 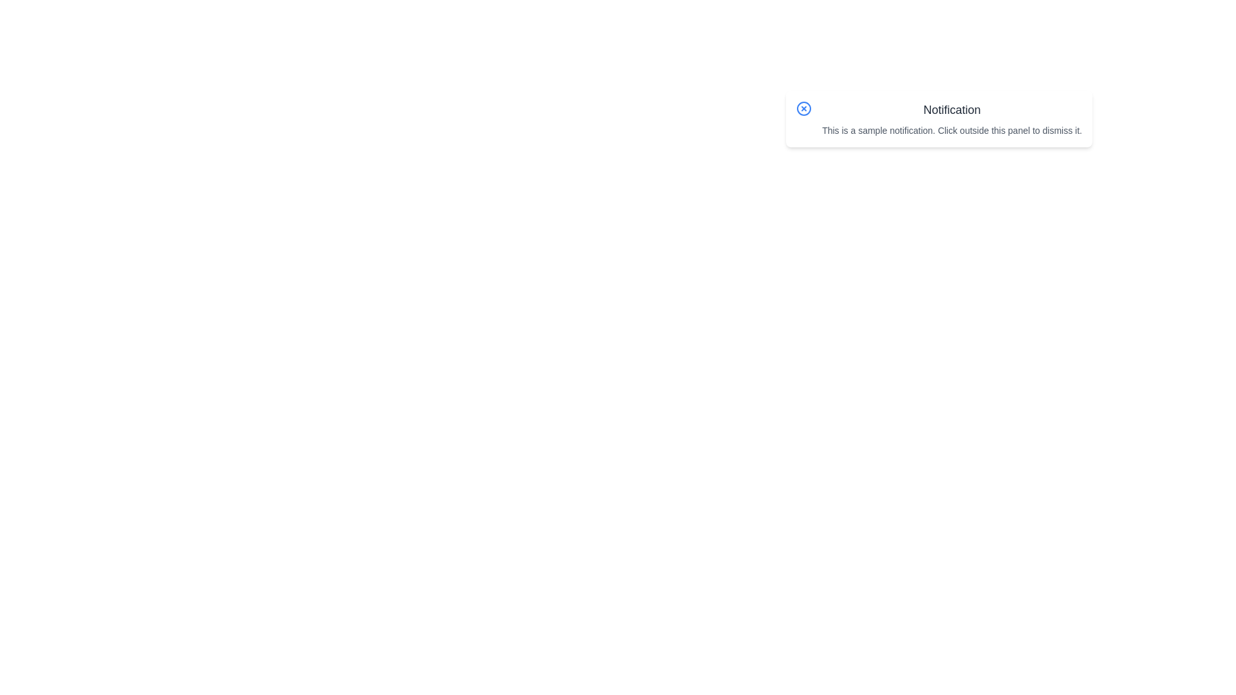 What do you see at coordinates (952, 131) in the screenshot?
I see `the notification message element located directly below the 'Notification' title text within the notification panel` at bounding box center [952, 131].